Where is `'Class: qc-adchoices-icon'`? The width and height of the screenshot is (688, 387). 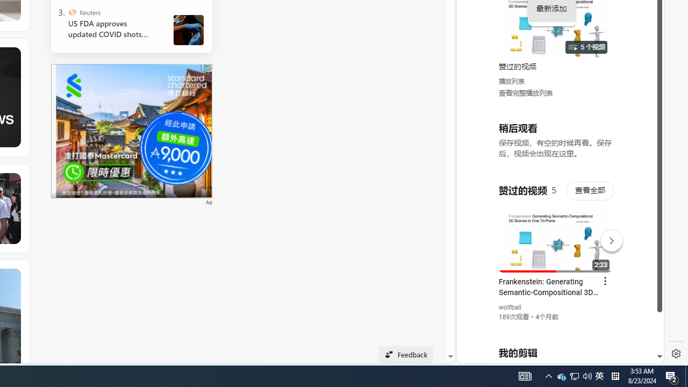
'Class: qc-adchoices-icon' is located at coordinates (207, 68).